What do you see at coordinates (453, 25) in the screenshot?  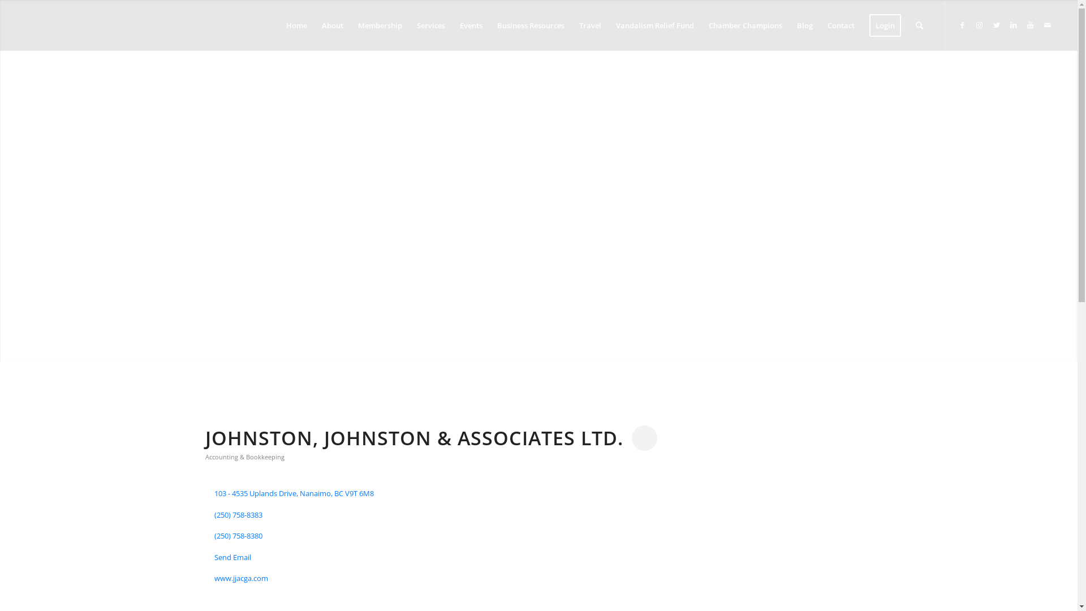 I see `'Events'` at bounding box center [453, 25].